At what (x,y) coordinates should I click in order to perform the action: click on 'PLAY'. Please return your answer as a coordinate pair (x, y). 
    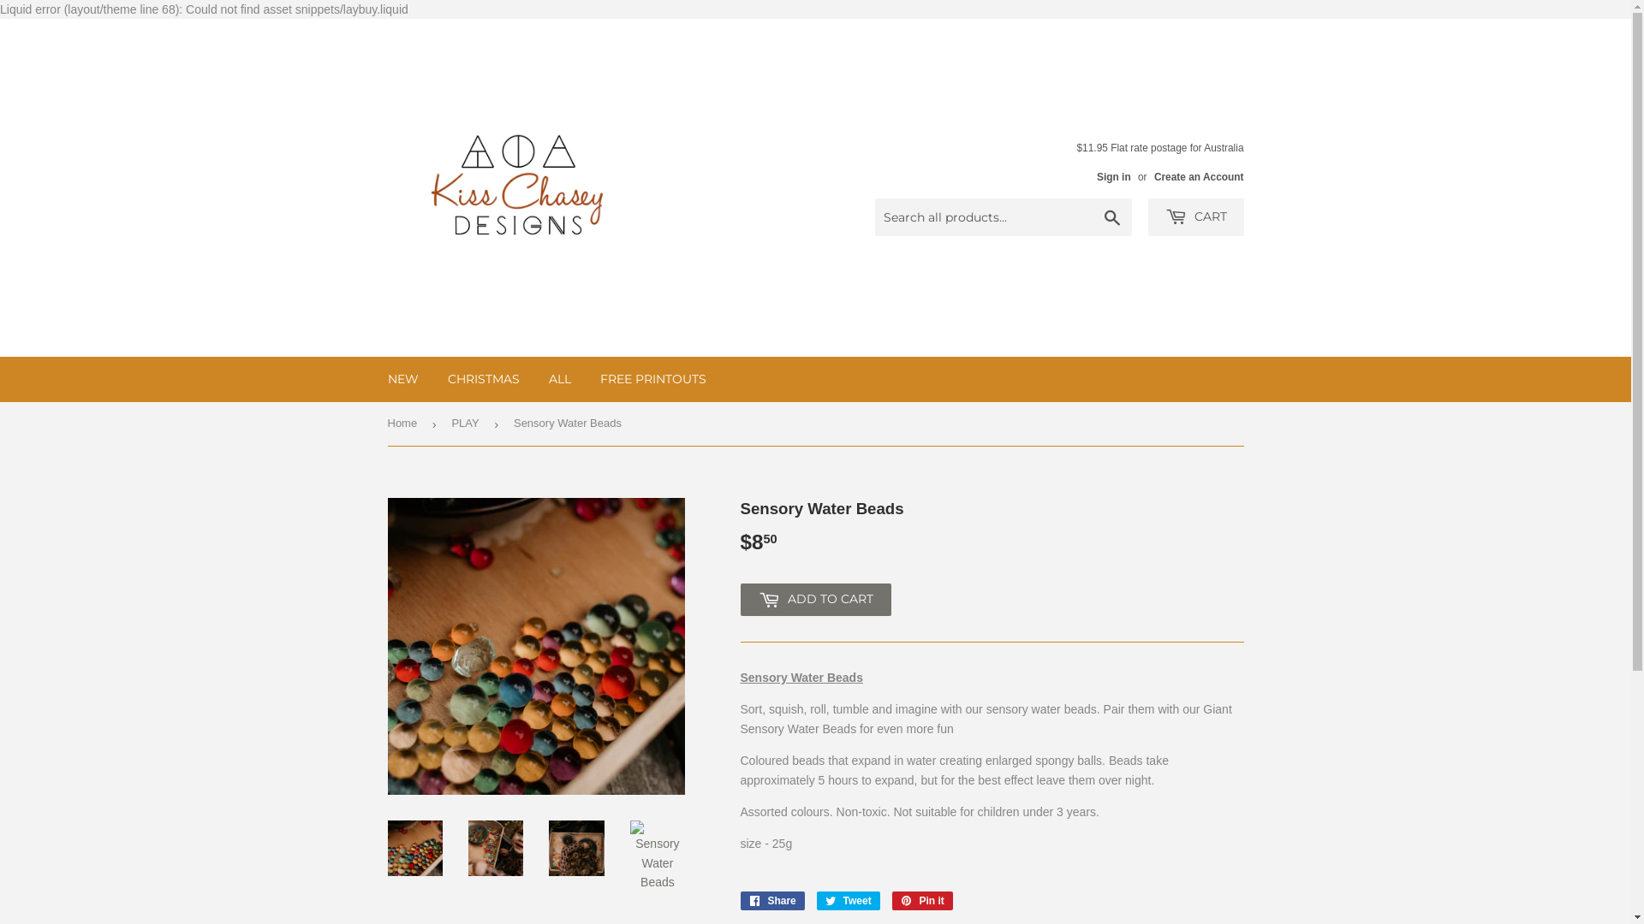
    Looking at the image, I should click on (468, 423).